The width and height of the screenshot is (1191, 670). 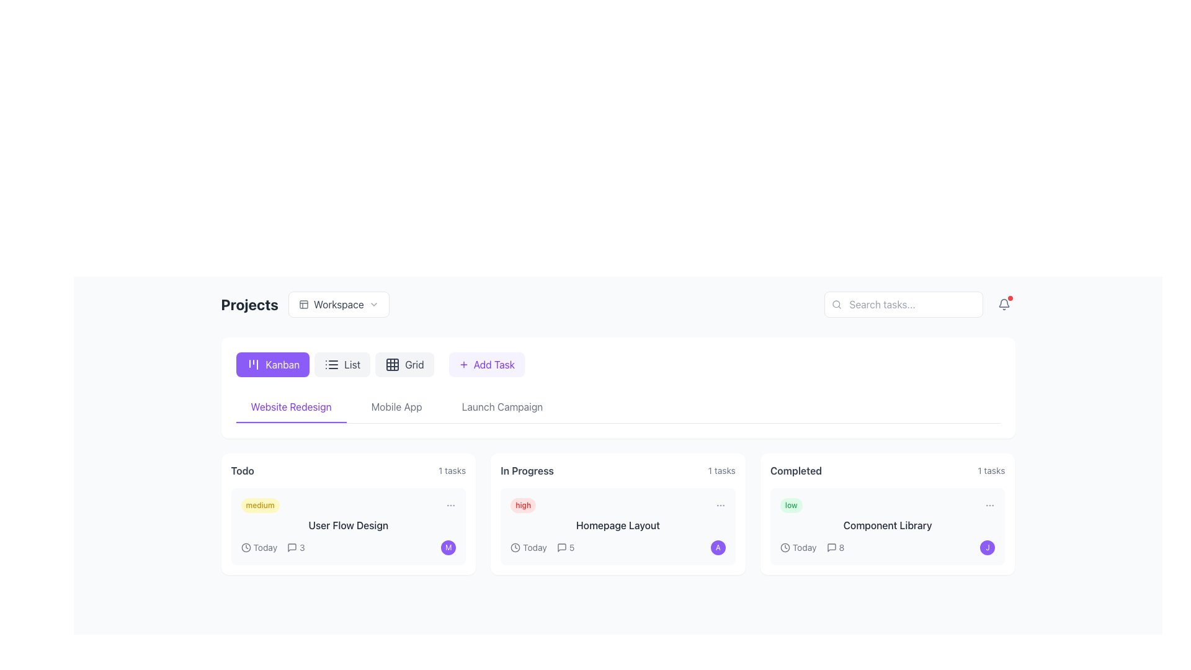 What do you see at coordinates (542, 547) in the screenshot?
I see `the Text label displaying 'Today 5' located in the 'In Progress' section under the task box labeled 'Homepage Layout'` at bounding box center [542, 547].